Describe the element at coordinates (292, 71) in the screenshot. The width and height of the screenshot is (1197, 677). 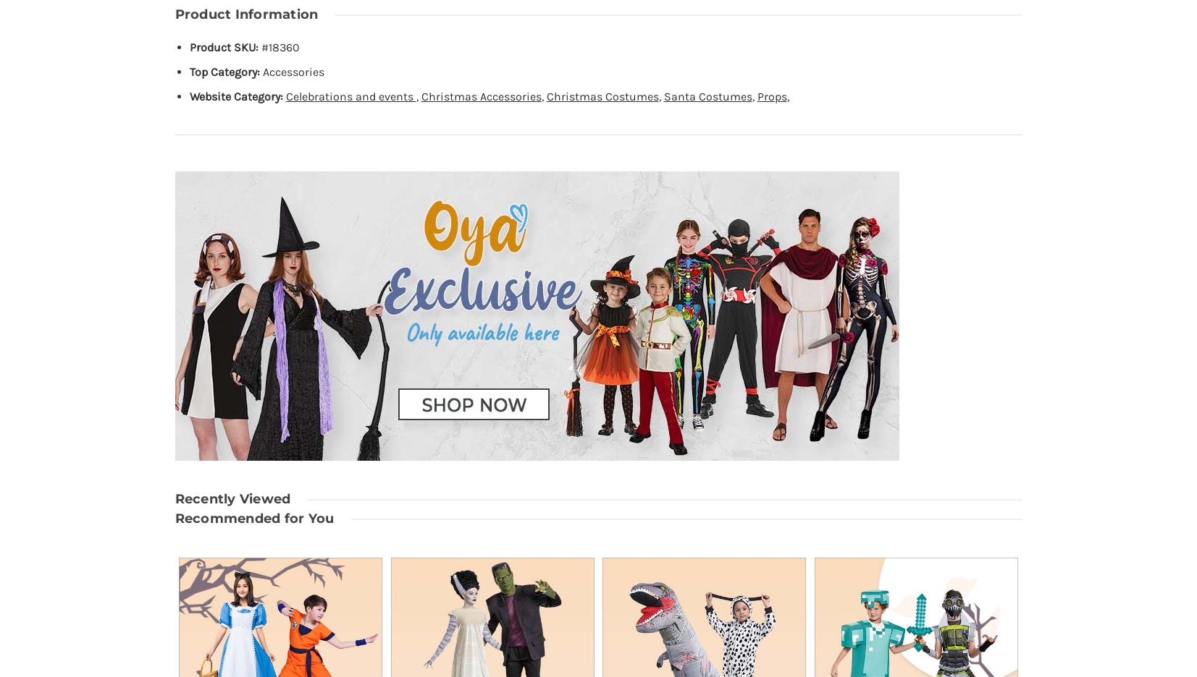
I see `'Accessories'` at that location.